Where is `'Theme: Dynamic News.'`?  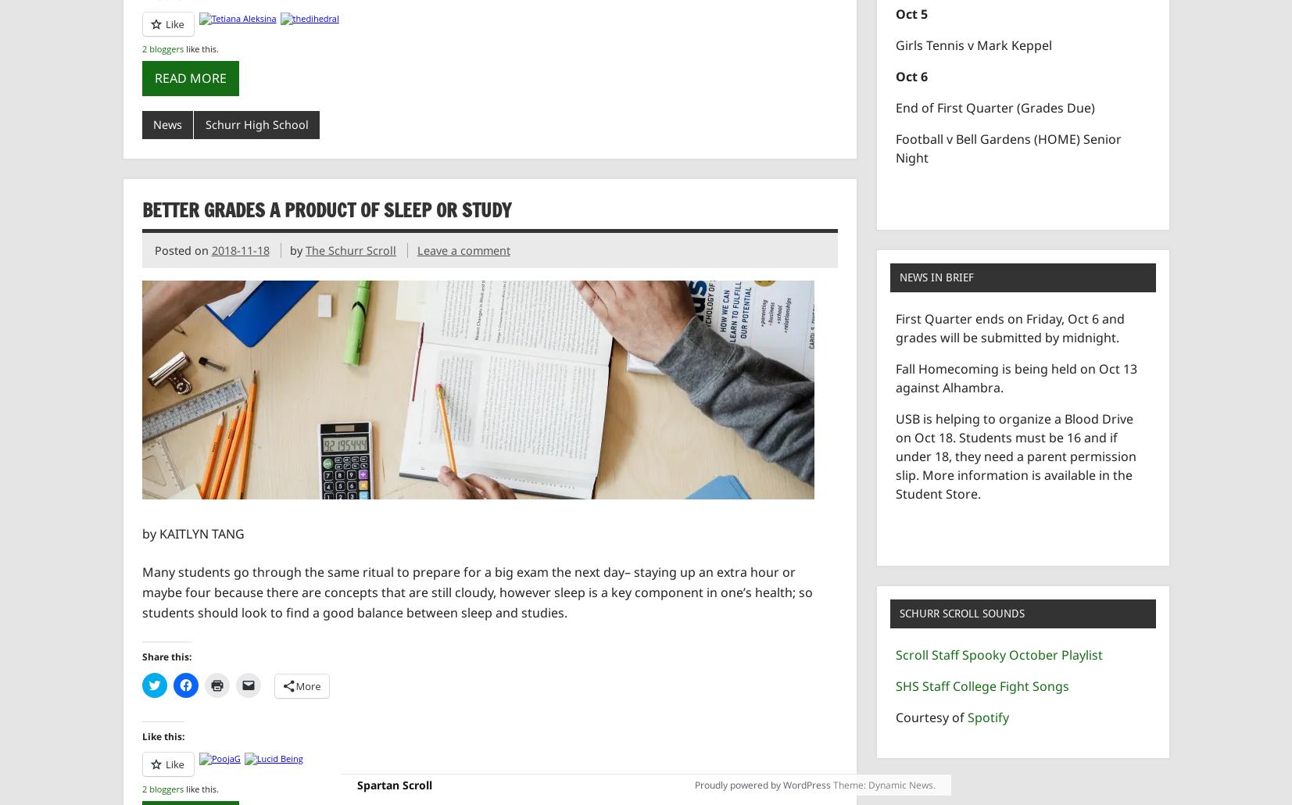 'Theme: Dynamic News.' is located at coordinates (882, 785).